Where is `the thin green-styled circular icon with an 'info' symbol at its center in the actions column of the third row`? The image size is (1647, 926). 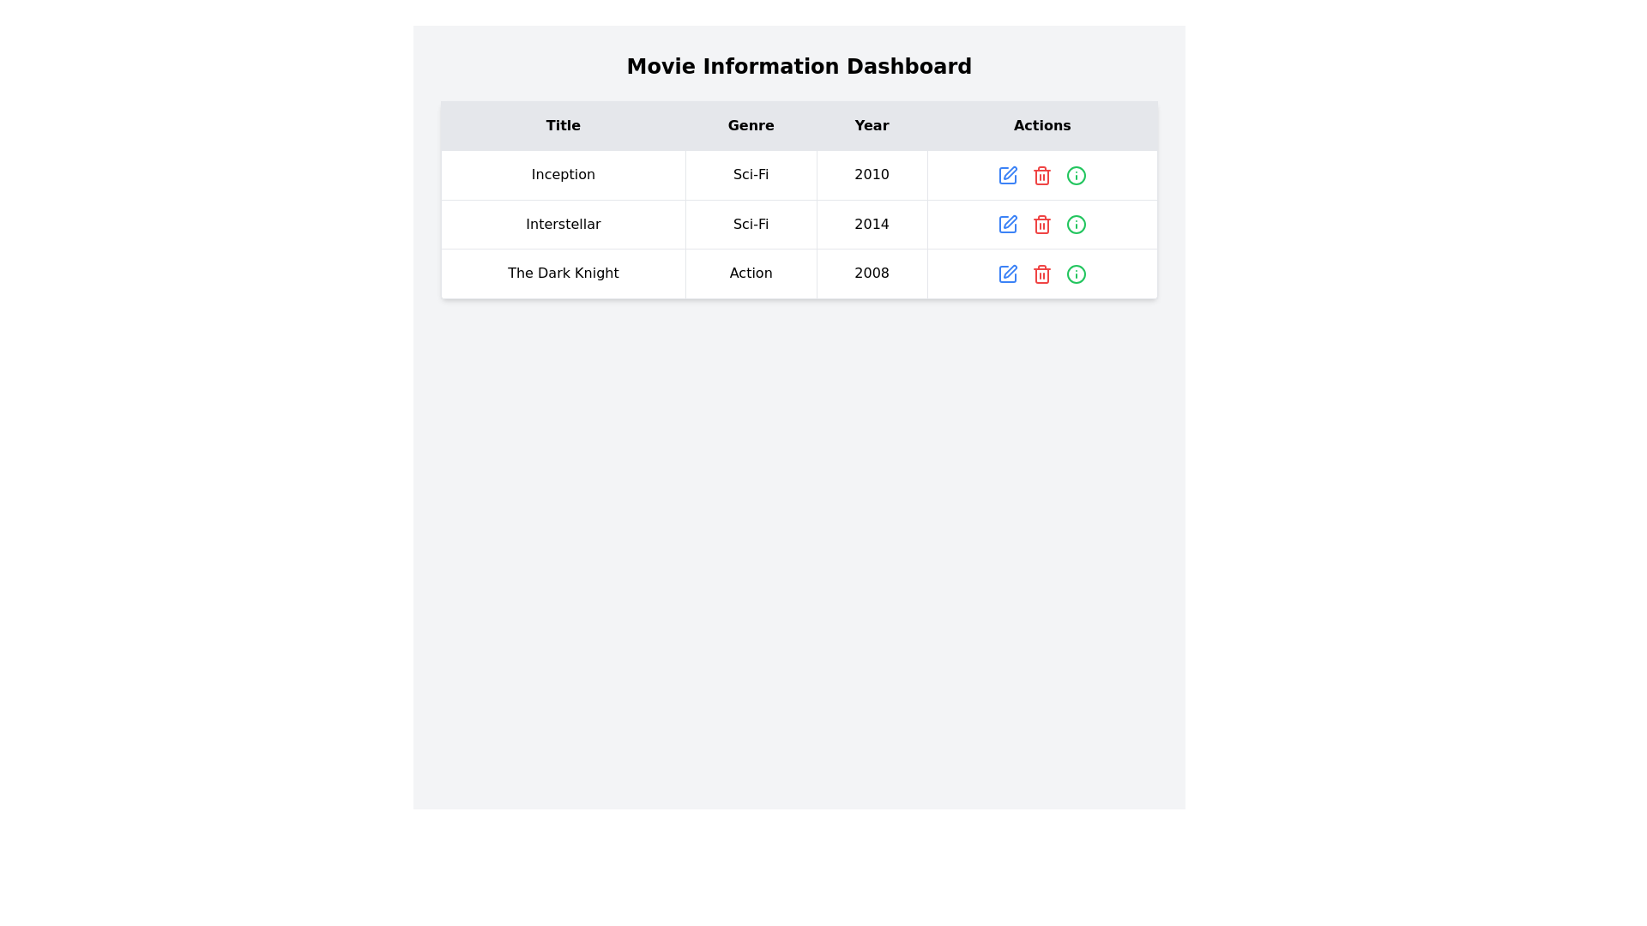 the thin green-styled circular icon with an 'info' symbol at its center in the actions column of the third row is located at coordinates (1076, 273).